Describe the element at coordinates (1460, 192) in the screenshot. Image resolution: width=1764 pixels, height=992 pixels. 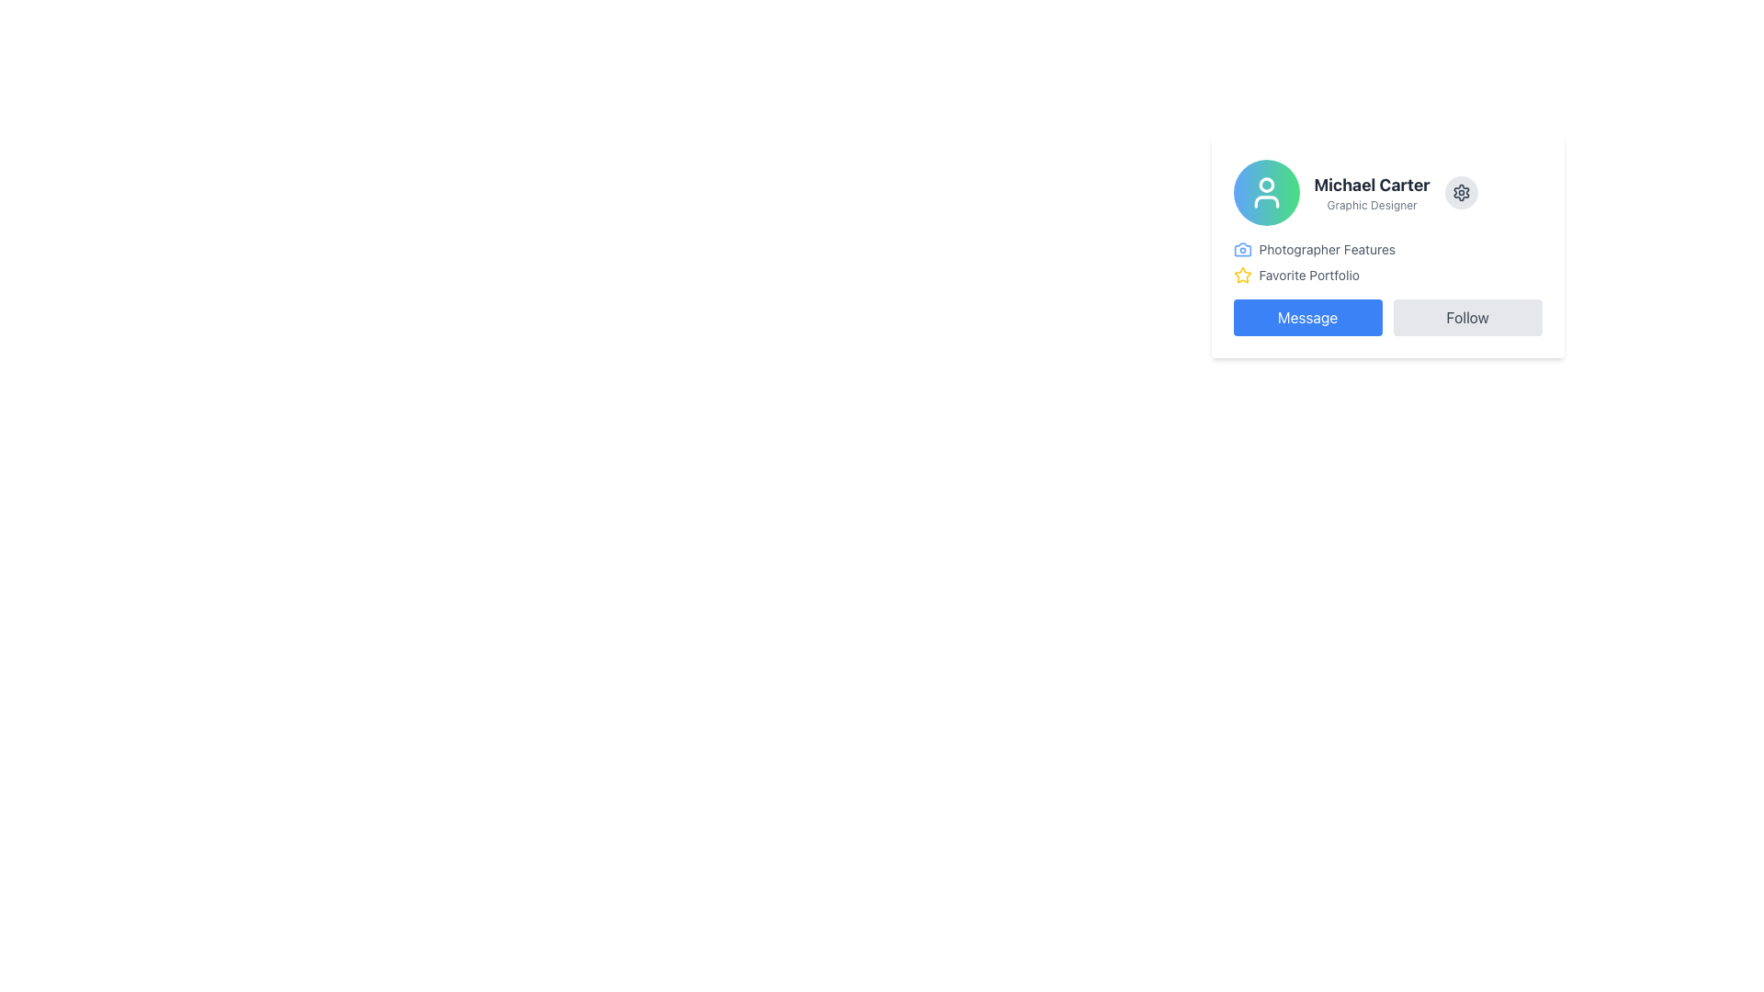
I see `the settings button located at the top-right corner of Michael Carter's profile card` at that location.